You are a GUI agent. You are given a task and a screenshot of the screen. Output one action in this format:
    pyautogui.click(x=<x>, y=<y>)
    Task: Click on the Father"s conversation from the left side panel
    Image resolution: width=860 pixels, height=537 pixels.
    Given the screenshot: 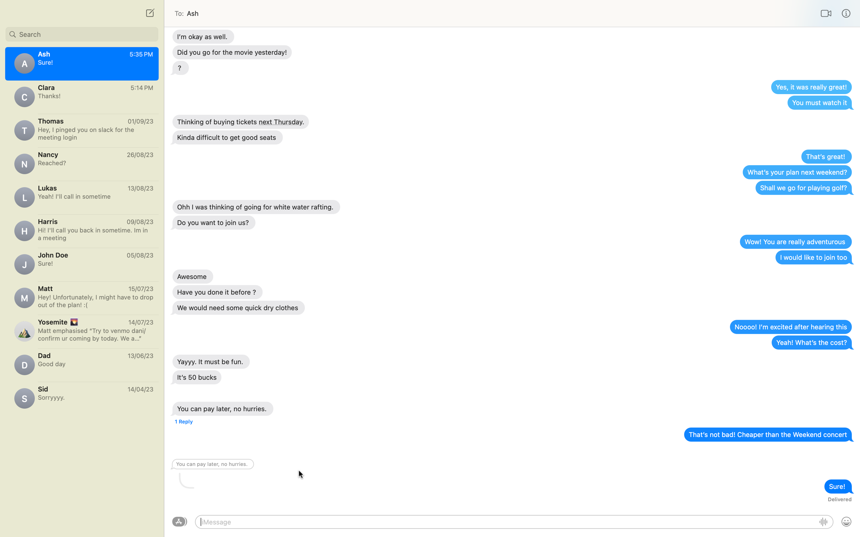 What is the action you would take?
    pyautogui.click(x=81, y=362)
    